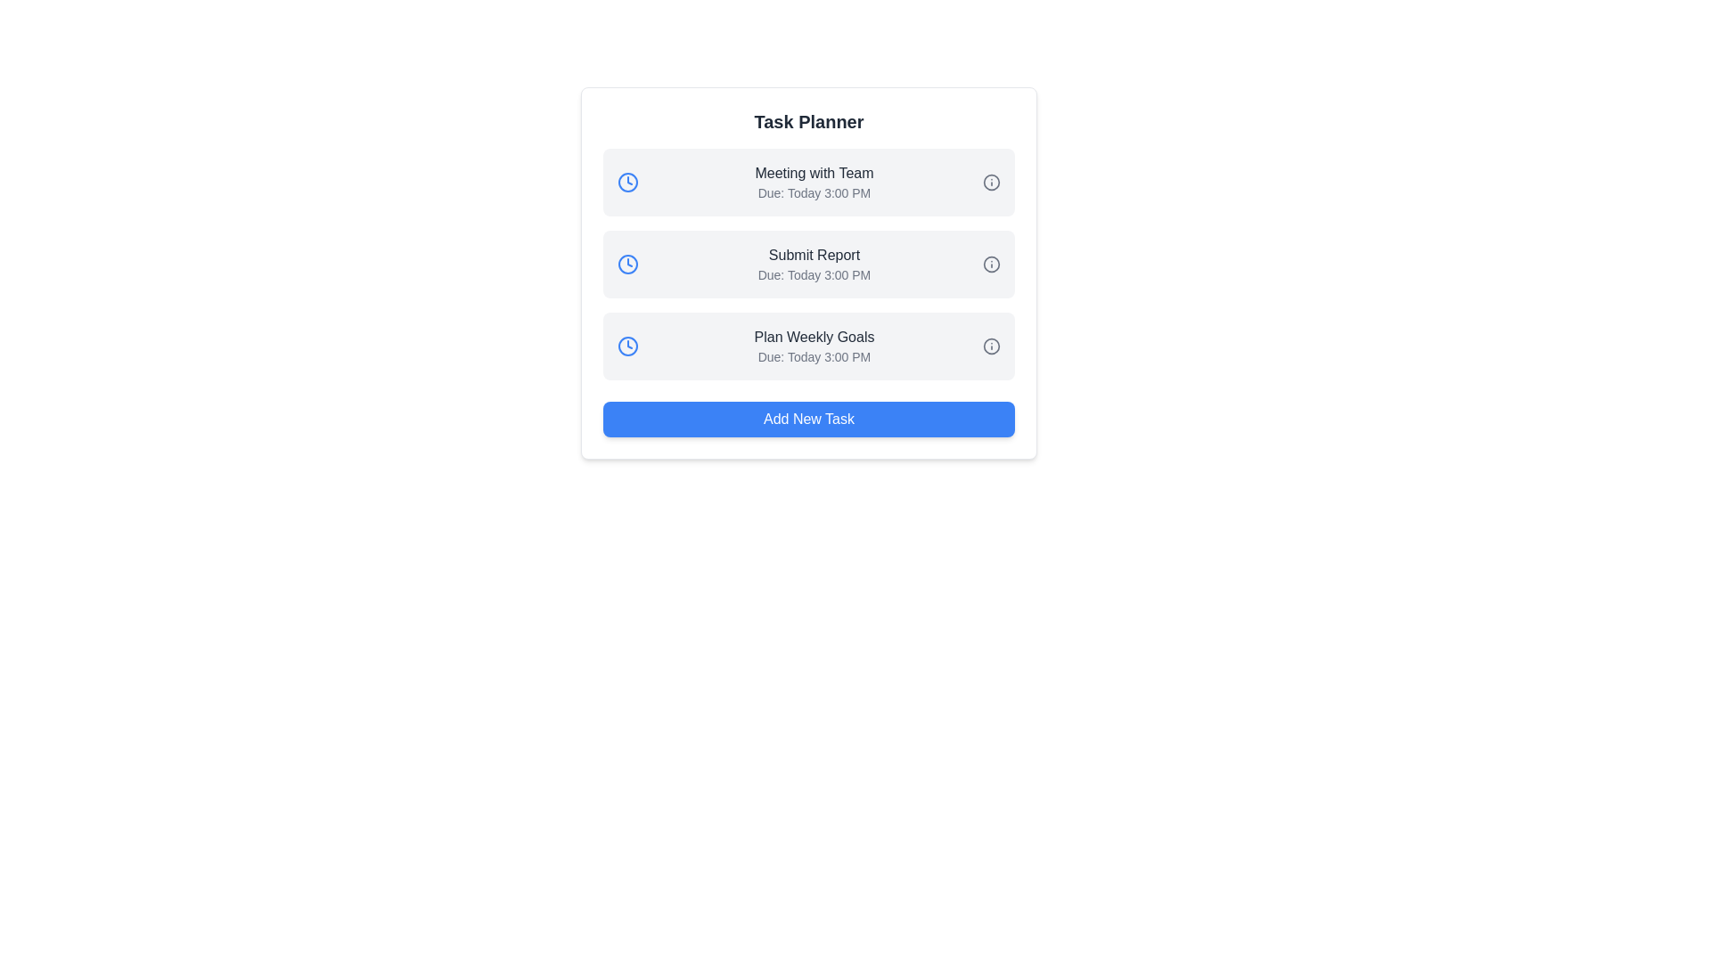  What do you see at coordinates (807, 419) in the screenshot?
I see `the blue button with rounded corners labeled 'Add New Task' located at the bottom of the task panel` at bounding box center [807, 419].